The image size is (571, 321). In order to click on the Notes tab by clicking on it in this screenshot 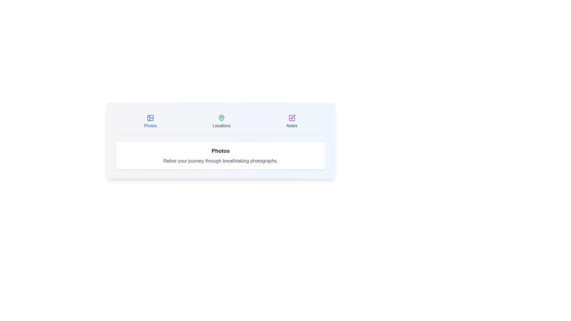, I will do `click(292, 121)`.